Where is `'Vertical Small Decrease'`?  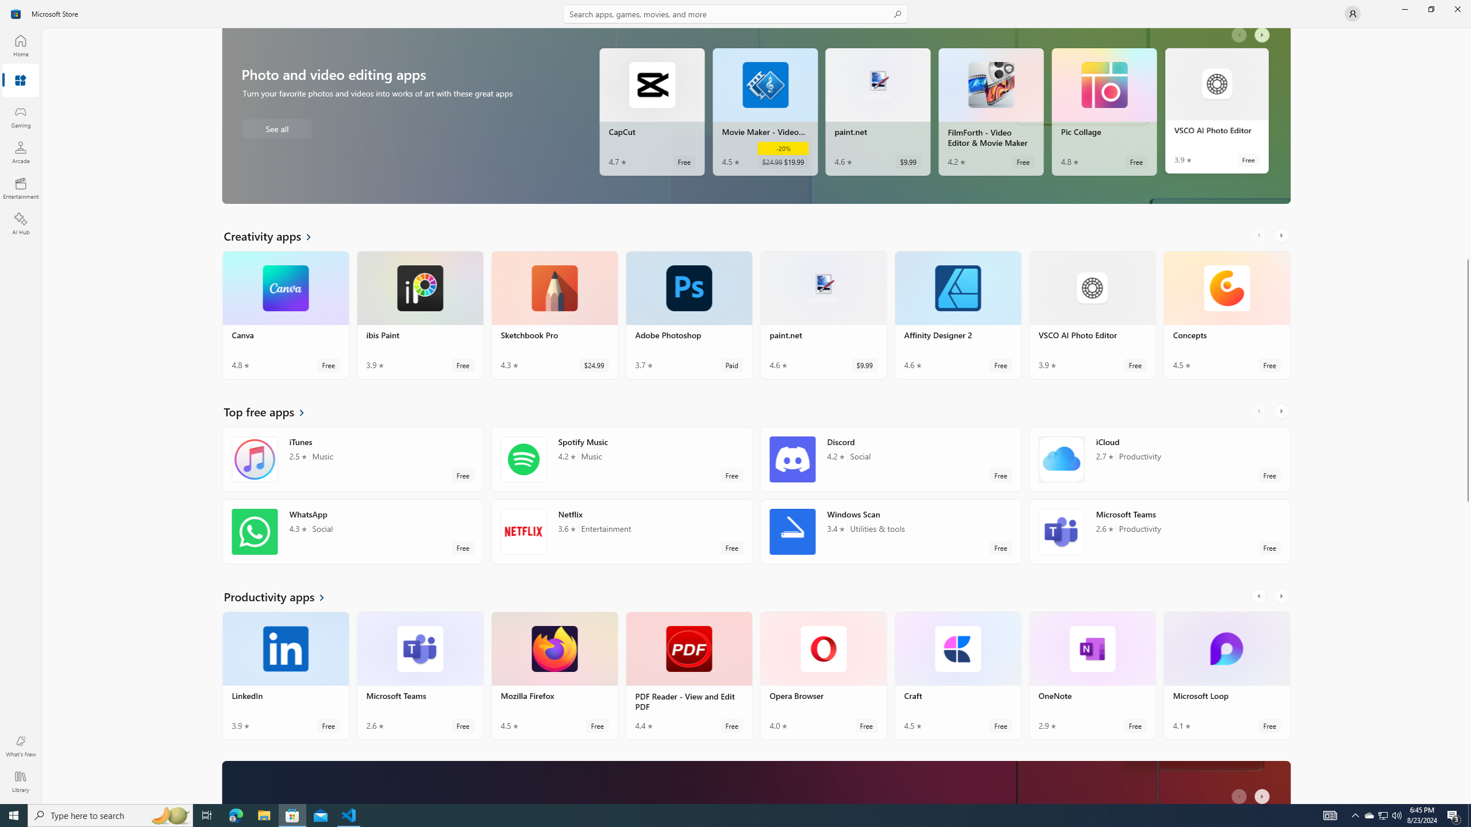
'Vertical Small Decrease' is located at coordinates (1466, 32).